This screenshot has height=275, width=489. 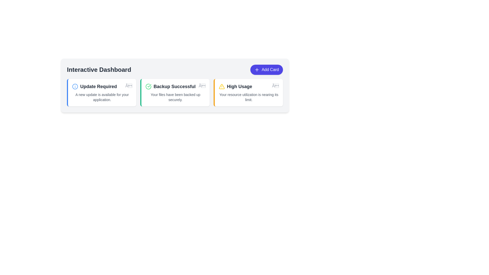 What do you see at coordinates (174, 86) in the screenshot?
I see `the text label that displays 'Backup Successful', which is styled in a bold, large font and located centrally within the middle column of a three-column card layout` at bounding box center [174, 86].